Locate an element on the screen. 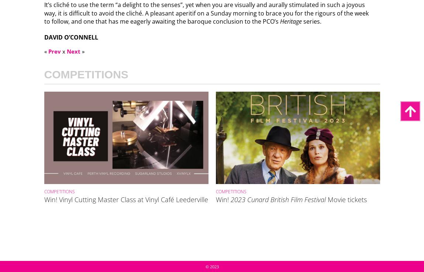 This screenshot has width=424, height=272. '2023 Cunard British Film Festival' is located at coordinates (278, 199).